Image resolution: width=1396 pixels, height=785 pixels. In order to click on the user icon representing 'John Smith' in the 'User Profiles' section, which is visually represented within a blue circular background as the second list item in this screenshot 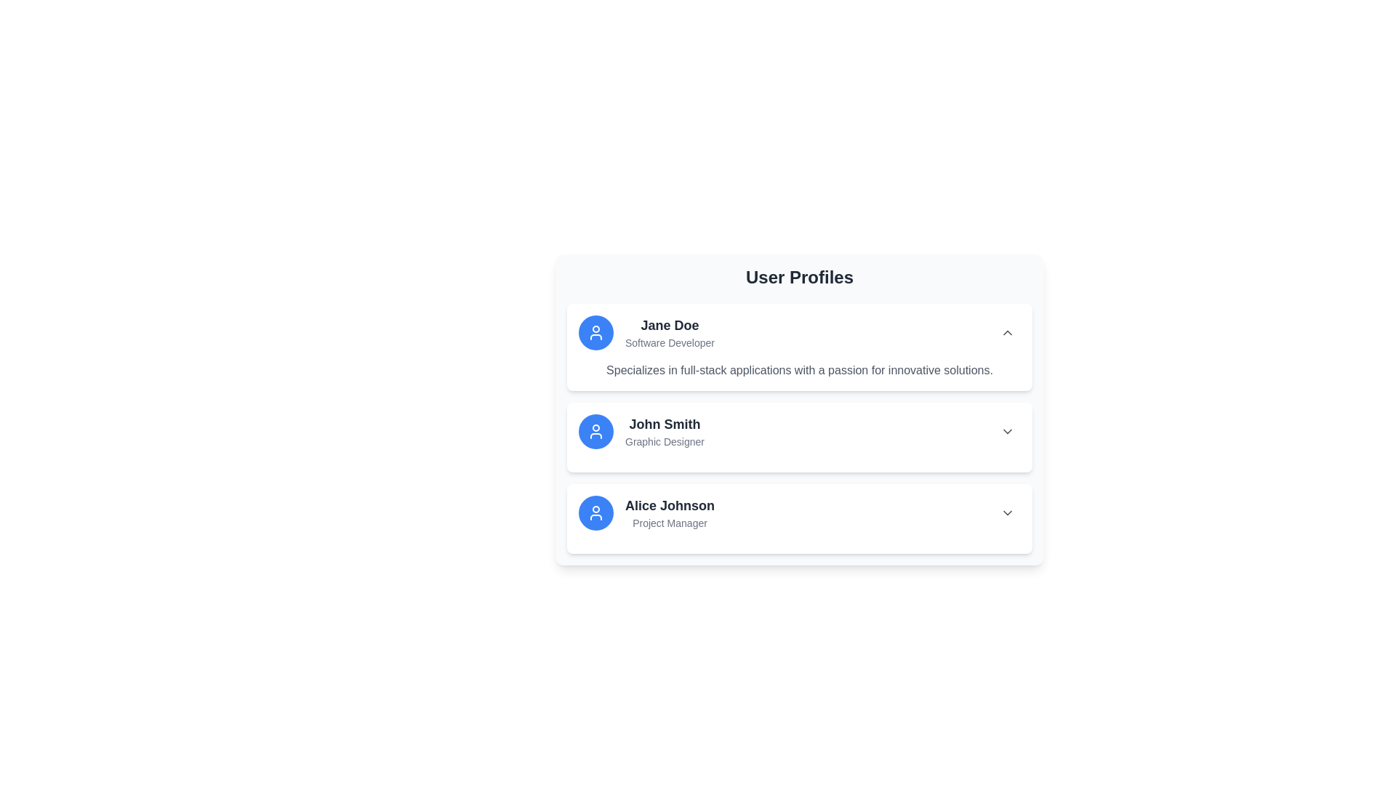, I will do `click(596, 431)`.